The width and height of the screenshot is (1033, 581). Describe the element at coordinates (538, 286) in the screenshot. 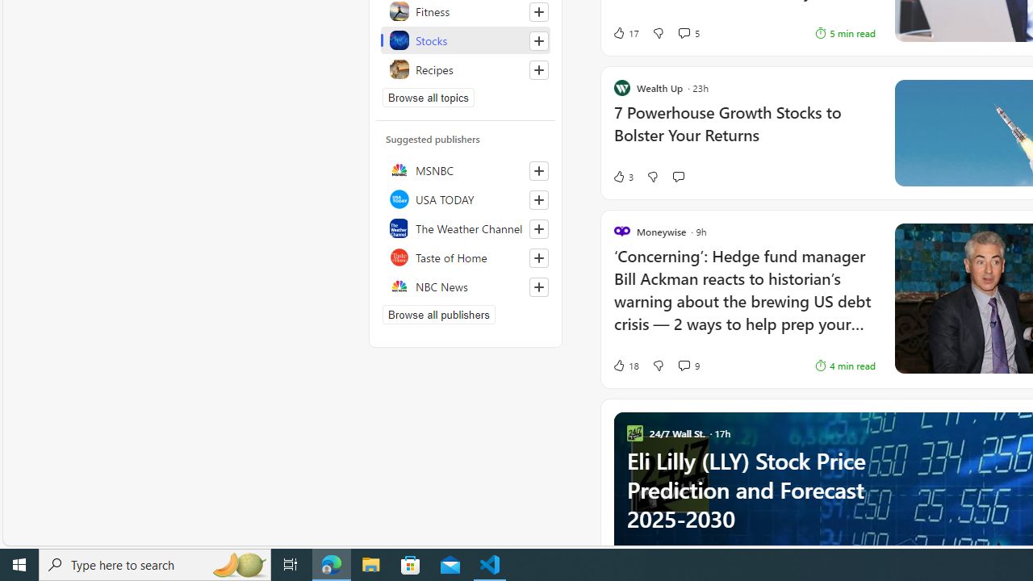

I see `'Follow this source'` at that location.